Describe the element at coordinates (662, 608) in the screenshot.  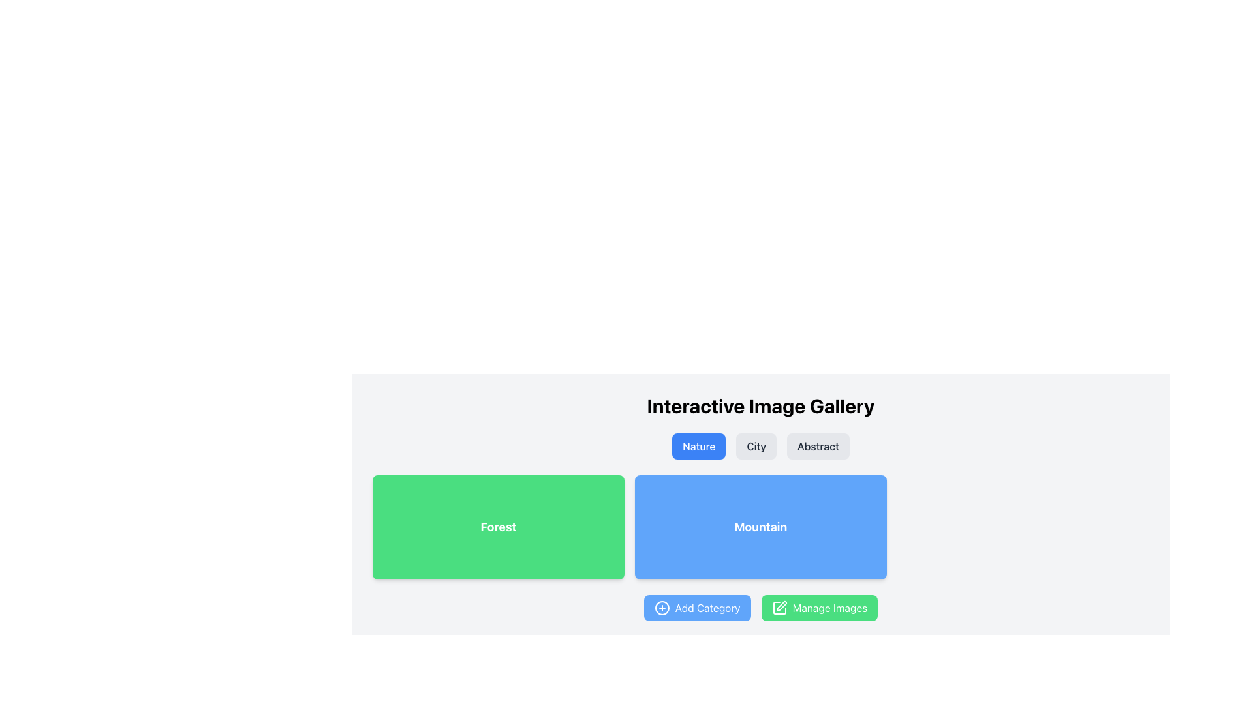
I see `the circle-plus icon on the left side of the blue 'Add Category' button to observe potential visual effects` at that location.